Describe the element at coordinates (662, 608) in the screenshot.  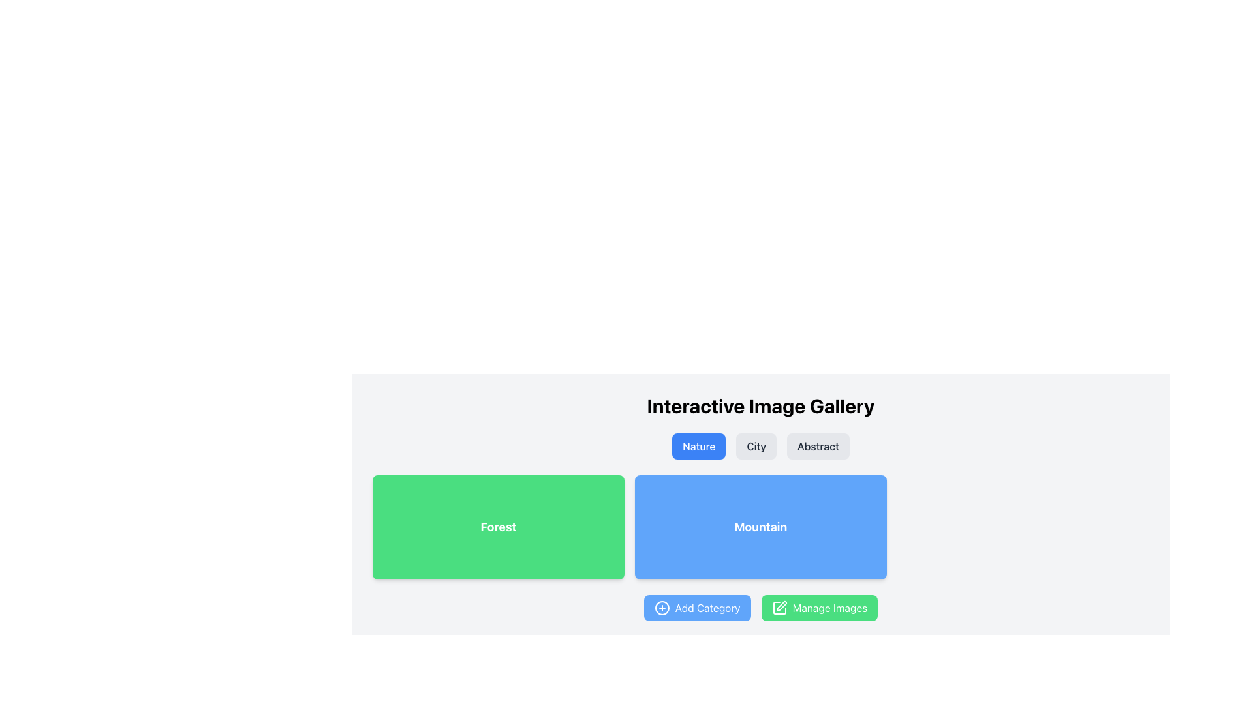
I see `the circle-plus icon on the left side of the blue 'Add Category' button to observe potential visual effects` at that location.